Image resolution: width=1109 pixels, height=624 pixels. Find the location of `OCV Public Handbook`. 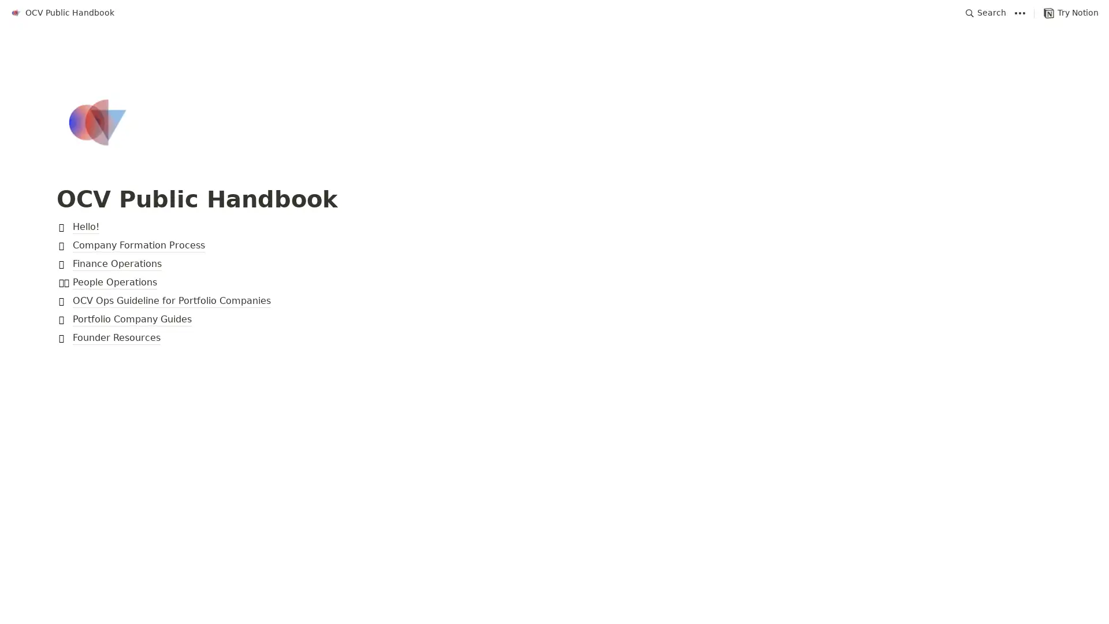

OCV Public Handbook is located at coordinates (62, 13).